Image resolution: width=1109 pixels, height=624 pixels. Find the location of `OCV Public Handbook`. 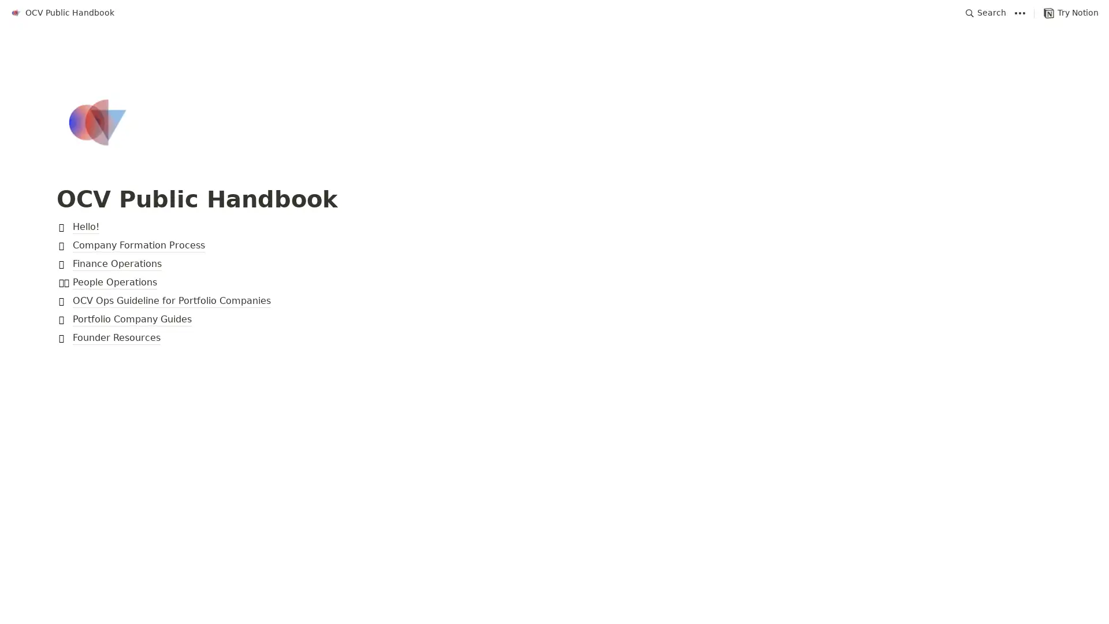

OCV Public Handbook is located at coordinates (62, 13).